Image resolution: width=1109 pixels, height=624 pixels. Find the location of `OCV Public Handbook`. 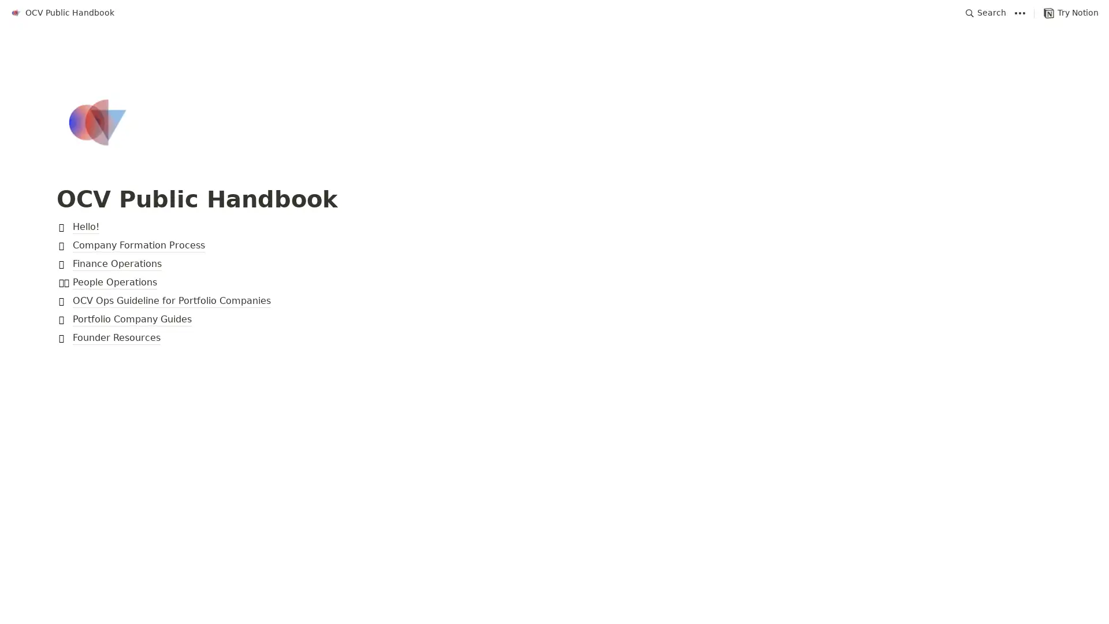

OCV Public Handbook is located at coordinates (62, 13).